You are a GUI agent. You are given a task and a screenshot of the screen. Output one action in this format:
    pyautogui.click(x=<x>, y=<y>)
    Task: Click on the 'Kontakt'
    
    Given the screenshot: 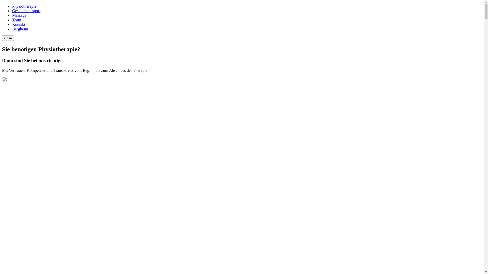 What is the action you would take?
    pyautogui.click(x=12, y=24)
    